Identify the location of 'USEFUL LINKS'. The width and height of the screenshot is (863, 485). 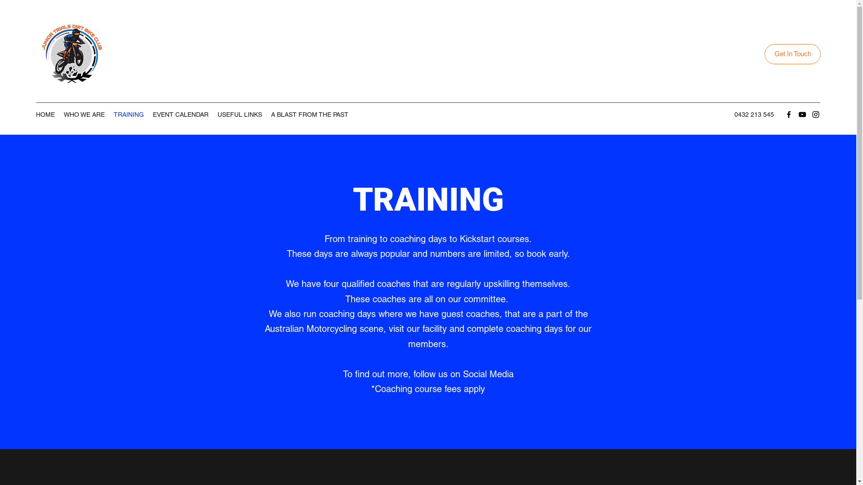
(213, 114).